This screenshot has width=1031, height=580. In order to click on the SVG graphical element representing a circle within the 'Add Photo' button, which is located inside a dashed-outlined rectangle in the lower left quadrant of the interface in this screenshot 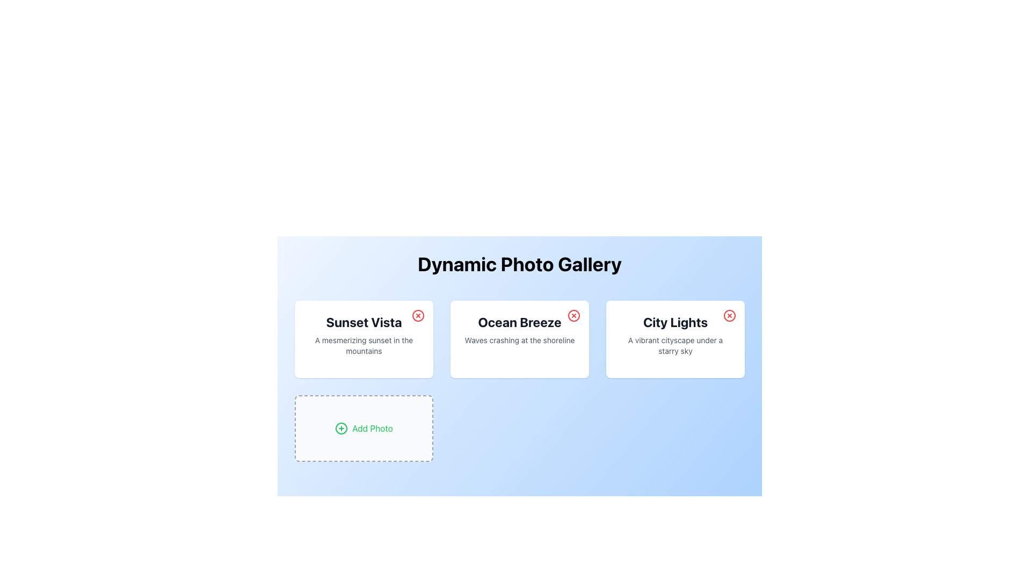, I will do `click(341, 428)`.